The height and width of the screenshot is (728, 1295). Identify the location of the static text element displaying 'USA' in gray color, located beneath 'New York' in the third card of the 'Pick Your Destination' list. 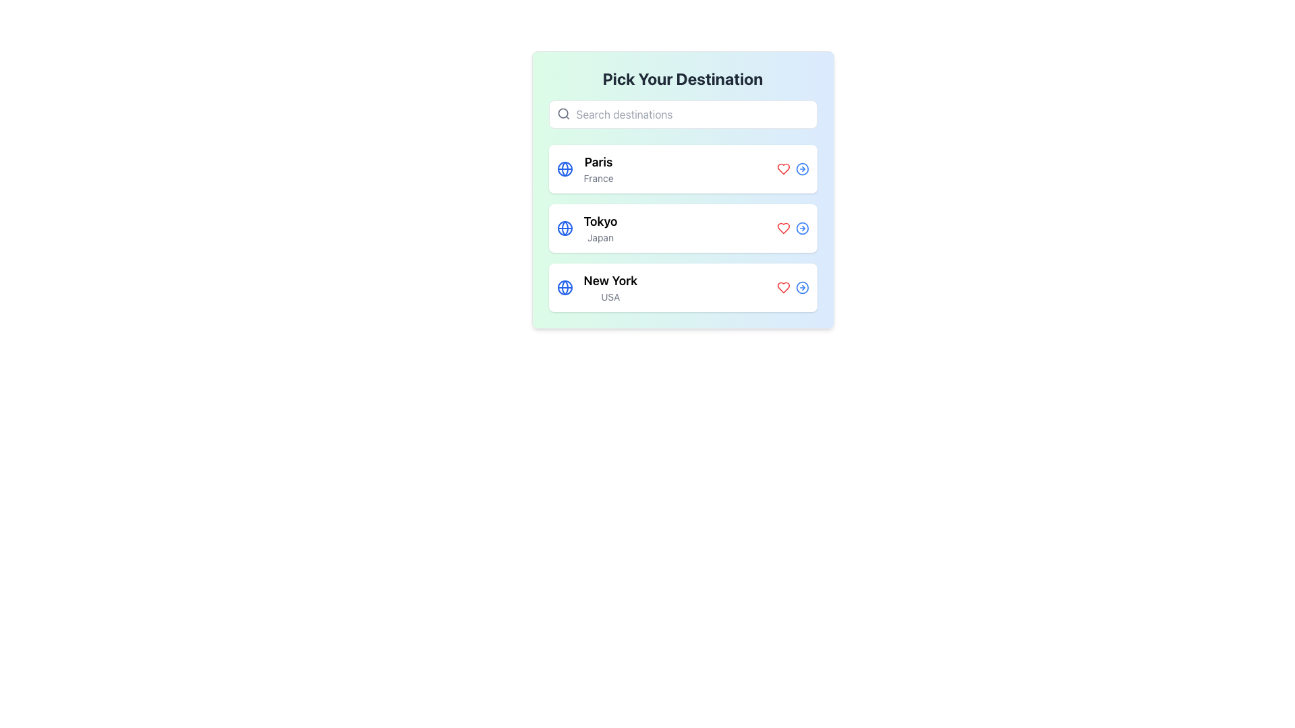
(610, 296).